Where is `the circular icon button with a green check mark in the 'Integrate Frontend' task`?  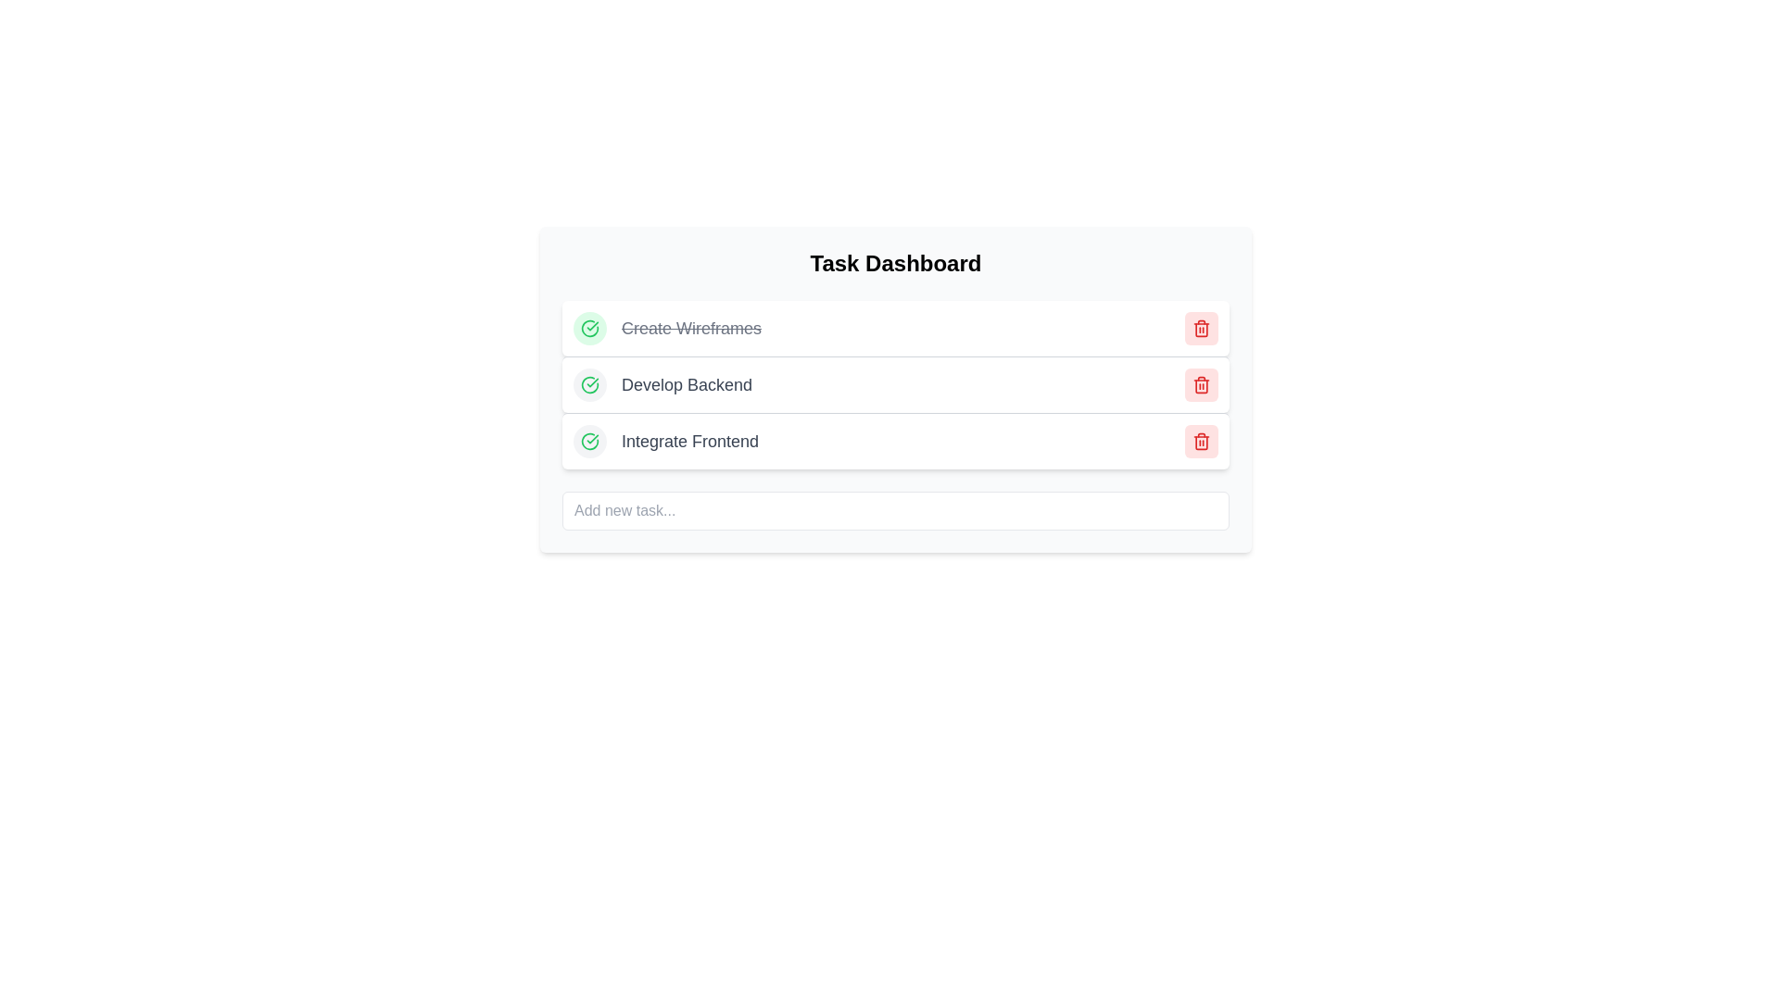 the circular icon button with a green check mark in the 'Integrate Frontend' task is located at coordinates (589, 442).